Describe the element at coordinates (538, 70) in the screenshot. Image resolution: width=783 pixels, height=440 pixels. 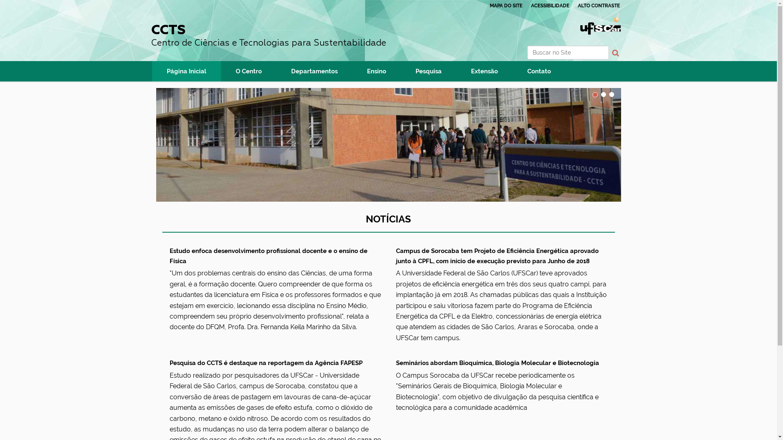
I see `'Contato'` at that location.